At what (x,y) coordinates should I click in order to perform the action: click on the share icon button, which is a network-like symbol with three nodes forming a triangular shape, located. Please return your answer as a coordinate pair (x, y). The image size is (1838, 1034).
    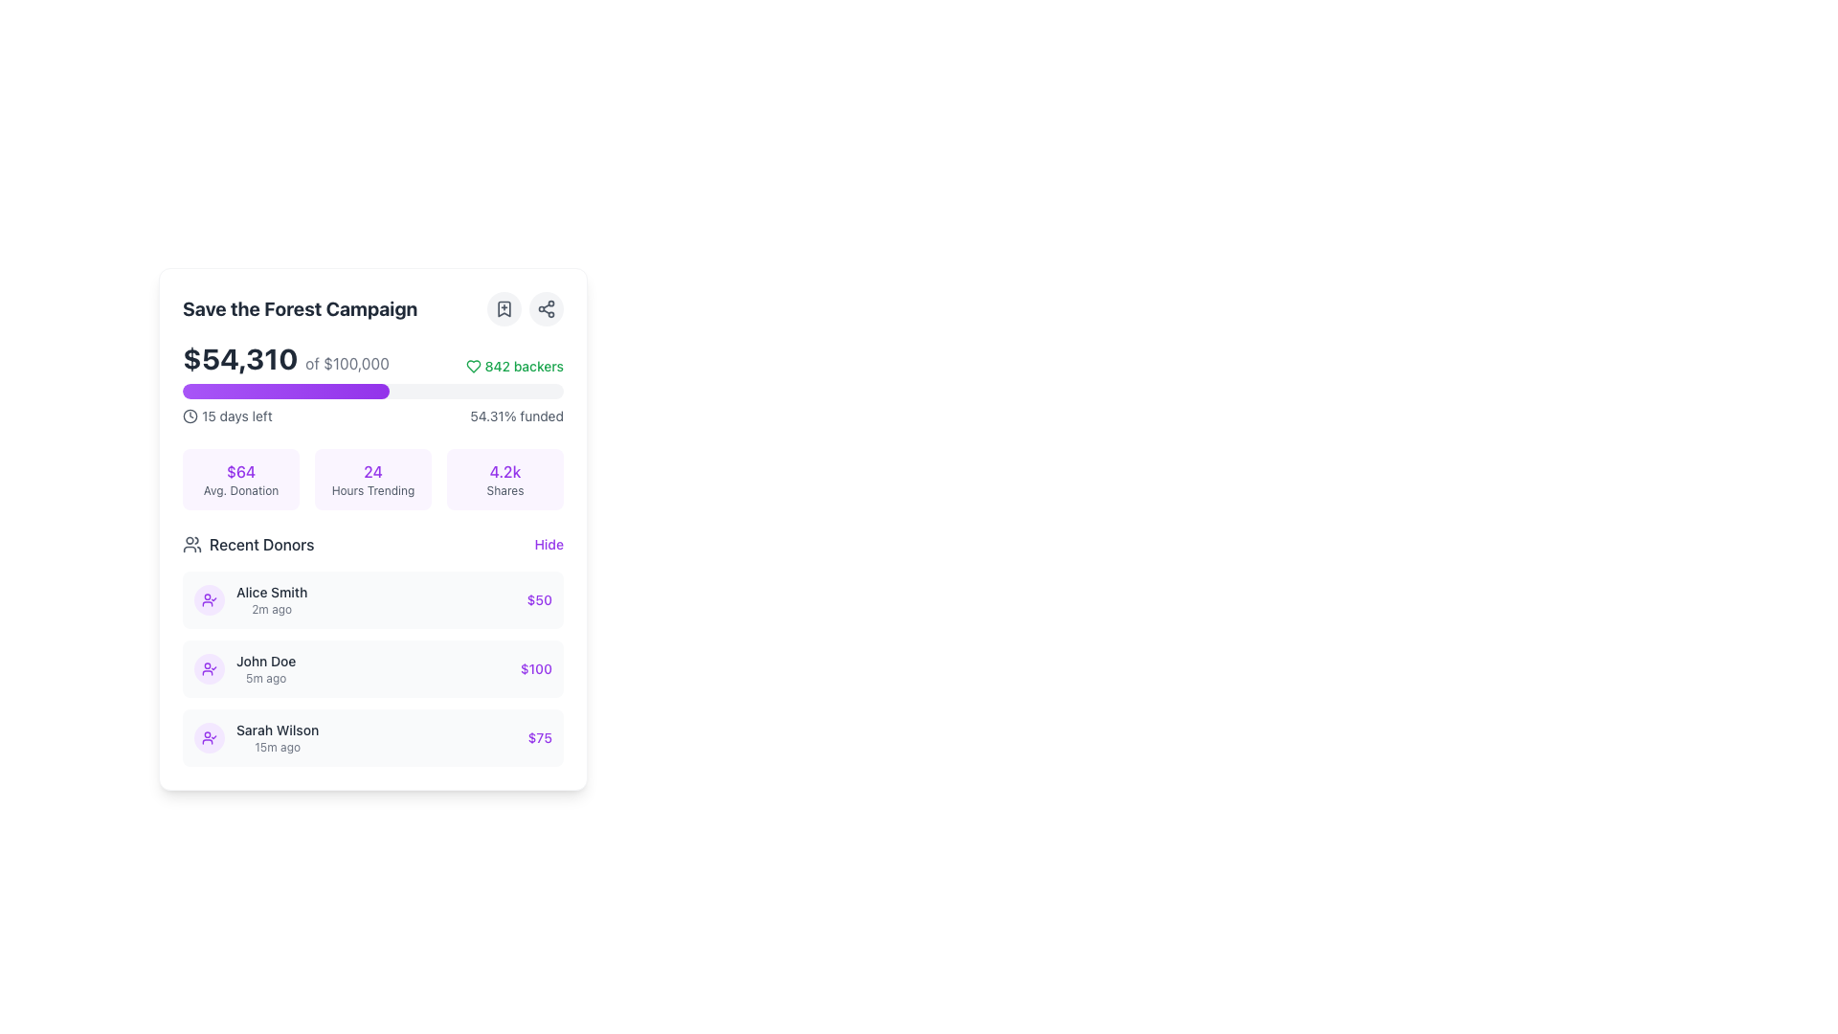
    Looking at the image, I should click on (546, 308).